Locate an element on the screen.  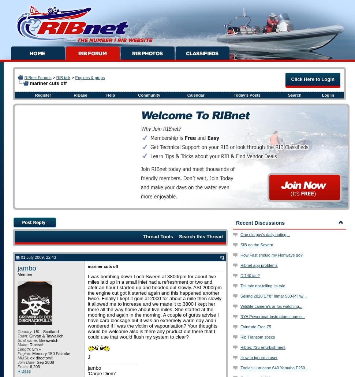
'One old guy's daily outing...' is located at coordinates (265, 234).